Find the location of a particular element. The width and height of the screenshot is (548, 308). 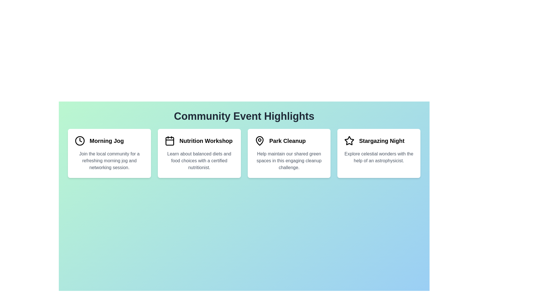

the descriptive text block located below the 'Morning Jog' title and clock icon, which provides additional information about the event is located at coordinates (109, 161).